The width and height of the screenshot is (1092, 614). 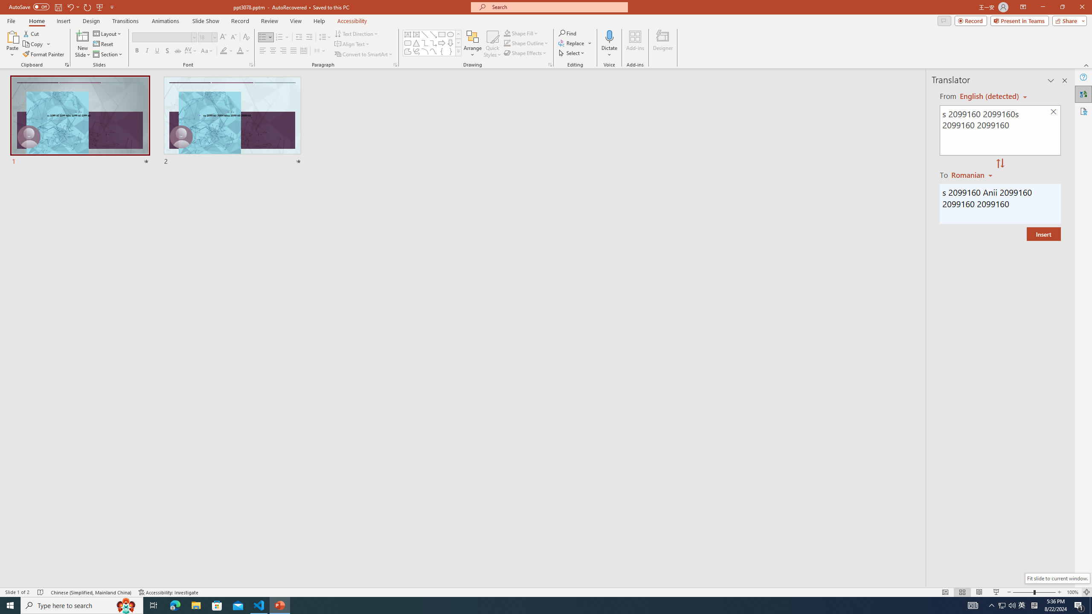 I want to click on 'Strikethrough', so click(x=177, y=50).